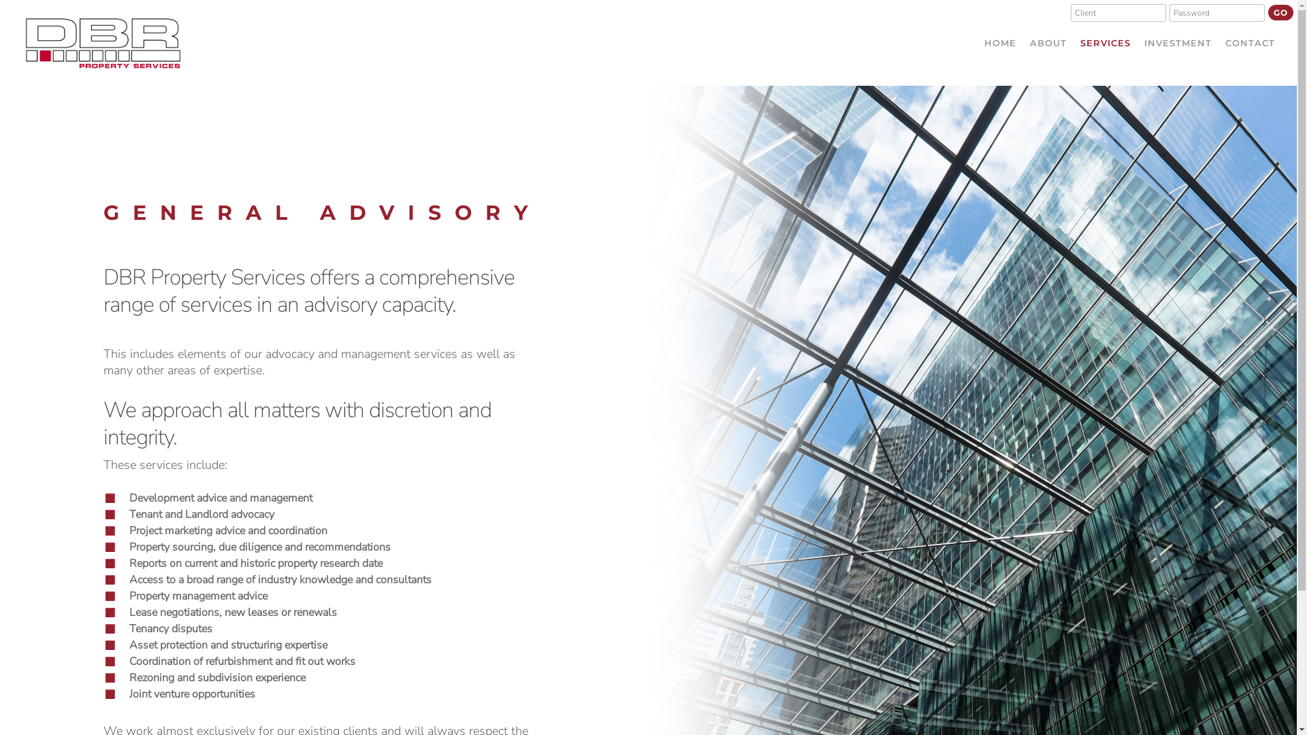 Image resolution: width=1307 pixels, height=735 pixels. What do you see at coordinates (1000, 42) in the screenshot?
I see `'HOME'` at bounding box center [1000, 42].